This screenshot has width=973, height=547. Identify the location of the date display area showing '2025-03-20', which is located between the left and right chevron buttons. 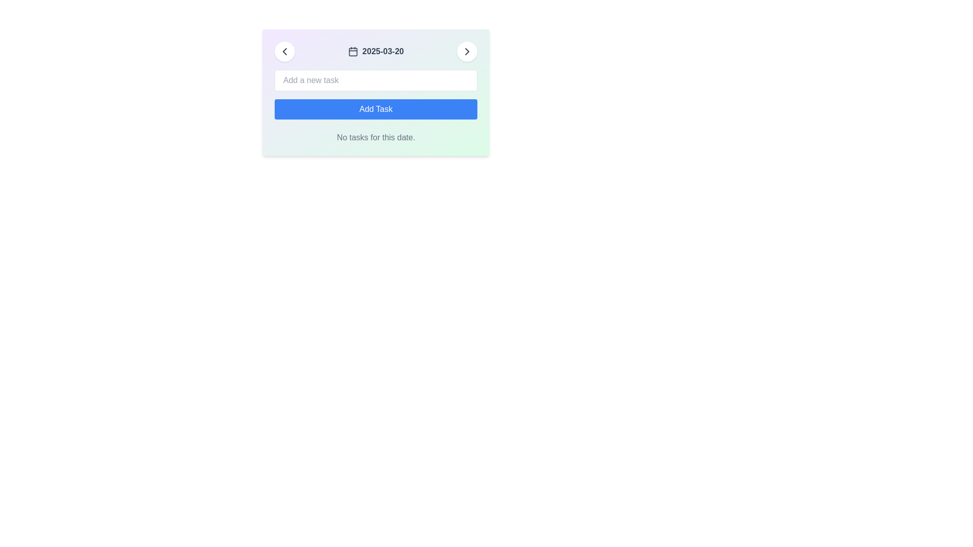
(376, 51).